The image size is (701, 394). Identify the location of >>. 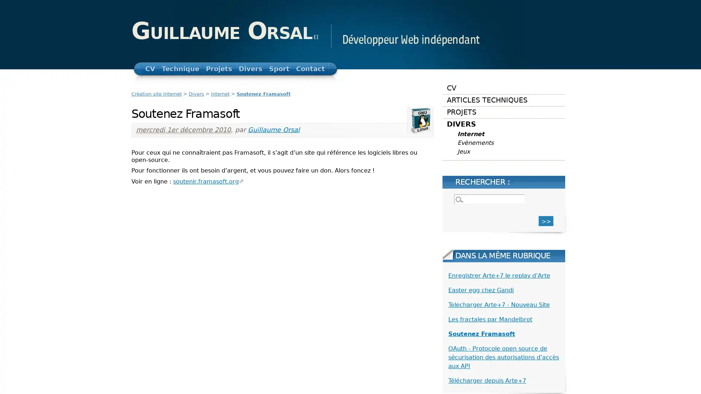
(546, 220).